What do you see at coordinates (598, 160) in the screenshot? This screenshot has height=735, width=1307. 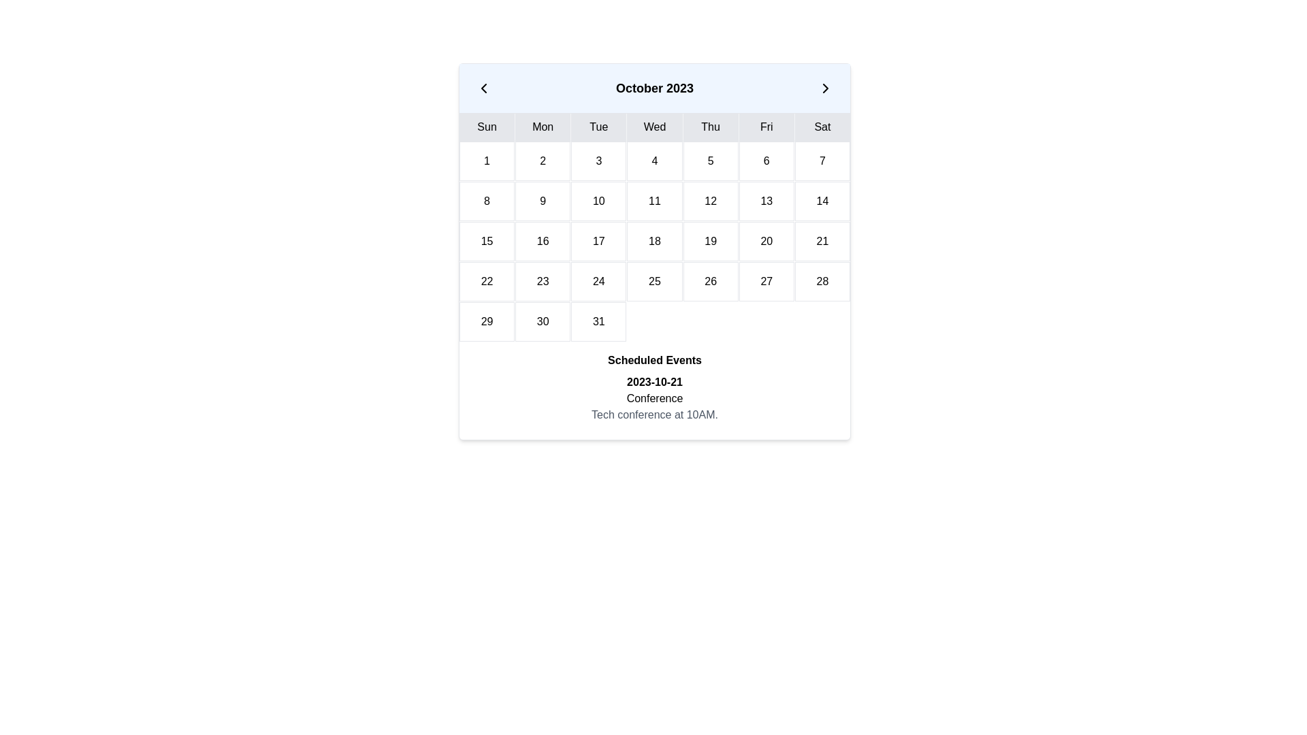 I see `the Calendar Date Cell displaying the number '3' to trigger relevant date-related actions` at bounding box center [598, 160].